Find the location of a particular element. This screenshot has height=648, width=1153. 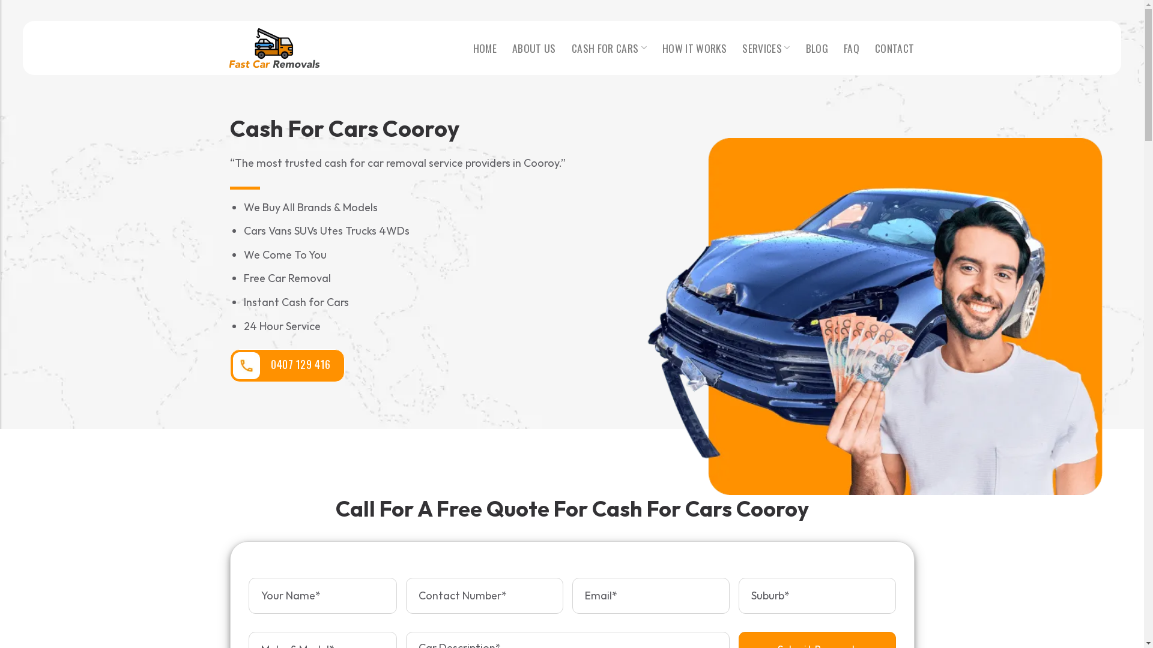

'HOW IT WORKS' is located at coordinates (662, 47).